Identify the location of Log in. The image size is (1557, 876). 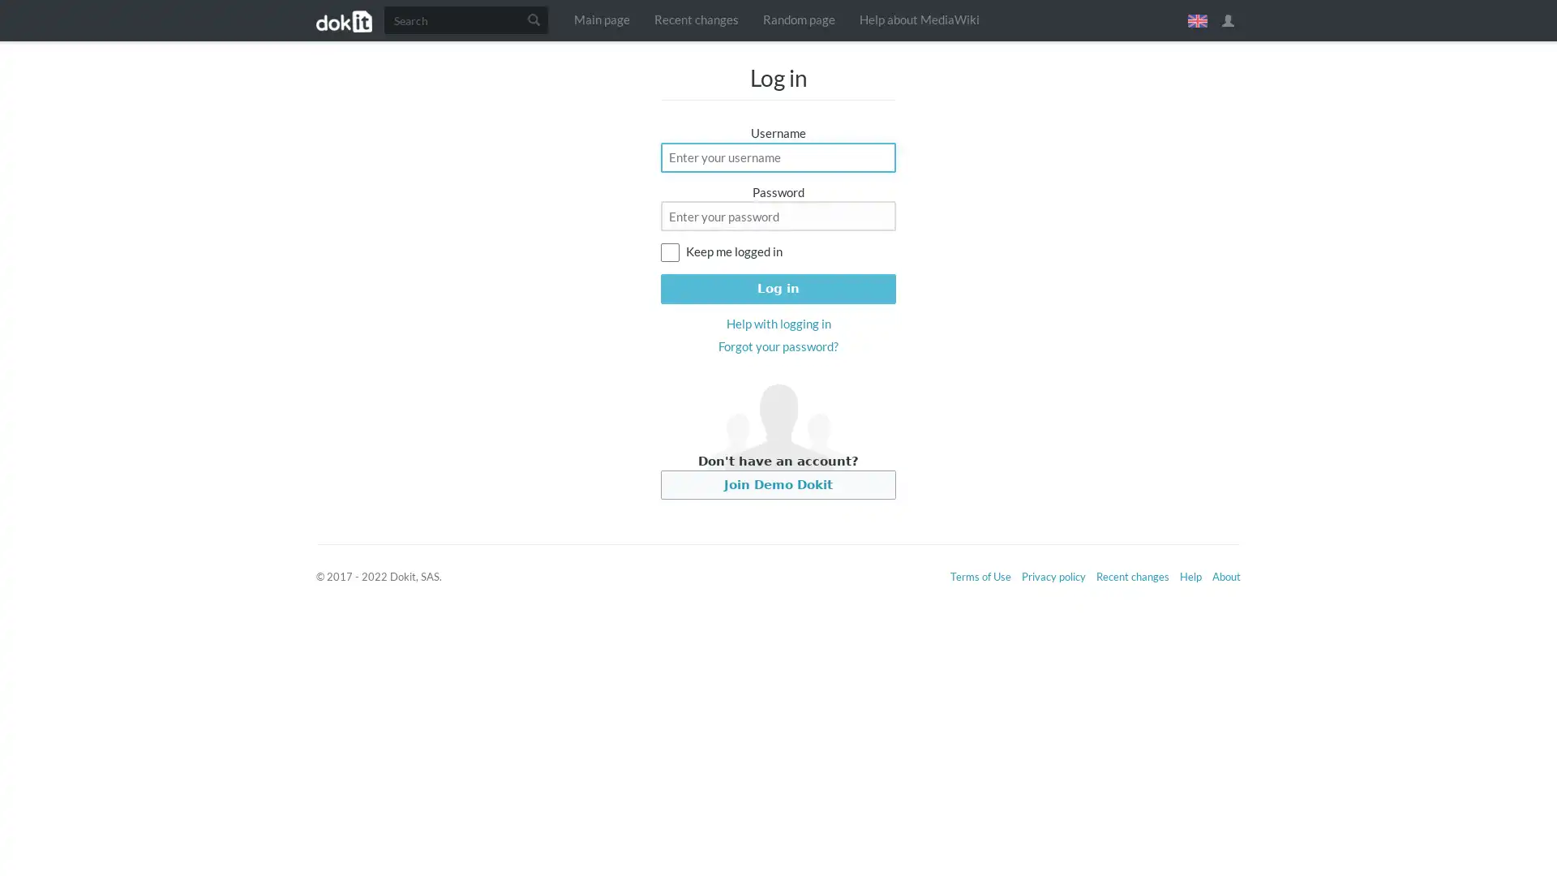
(778, 287).